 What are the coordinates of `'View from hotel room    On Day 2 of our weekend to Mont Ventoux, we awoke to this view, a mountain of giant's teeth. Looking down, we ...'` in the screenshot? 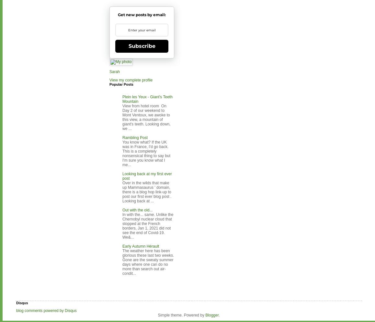 It's located at (146, 117).